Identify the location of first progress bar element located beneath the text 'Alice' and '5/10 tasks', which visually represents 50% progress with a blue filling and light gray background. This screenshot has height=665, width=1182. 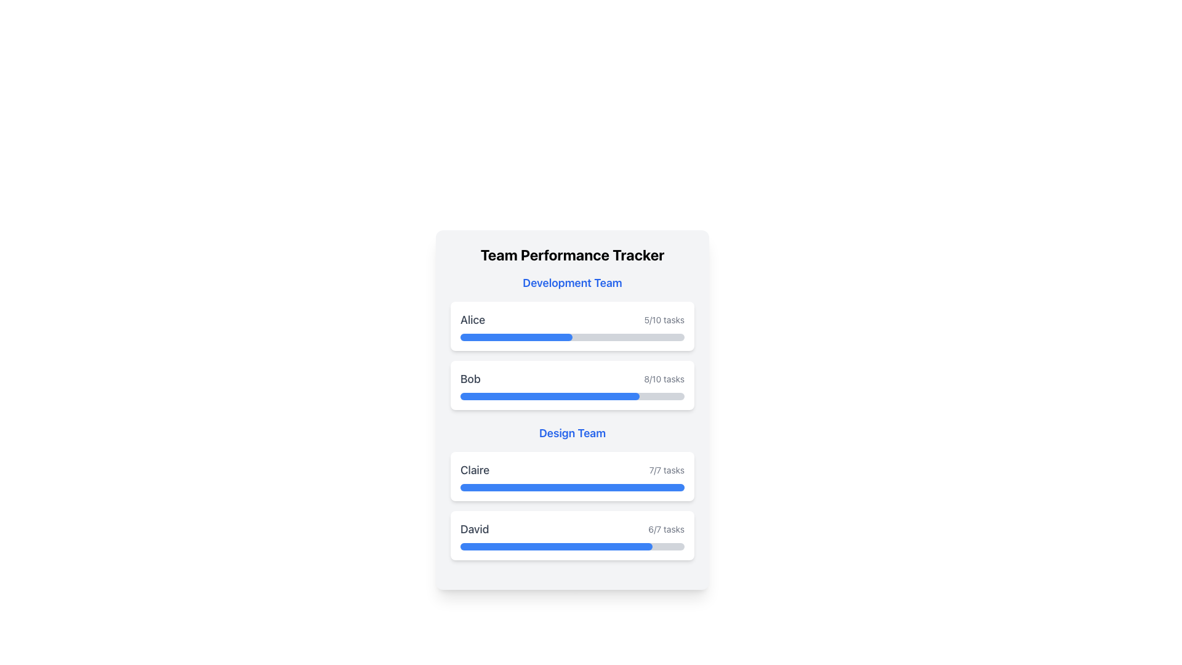
(572, 337).